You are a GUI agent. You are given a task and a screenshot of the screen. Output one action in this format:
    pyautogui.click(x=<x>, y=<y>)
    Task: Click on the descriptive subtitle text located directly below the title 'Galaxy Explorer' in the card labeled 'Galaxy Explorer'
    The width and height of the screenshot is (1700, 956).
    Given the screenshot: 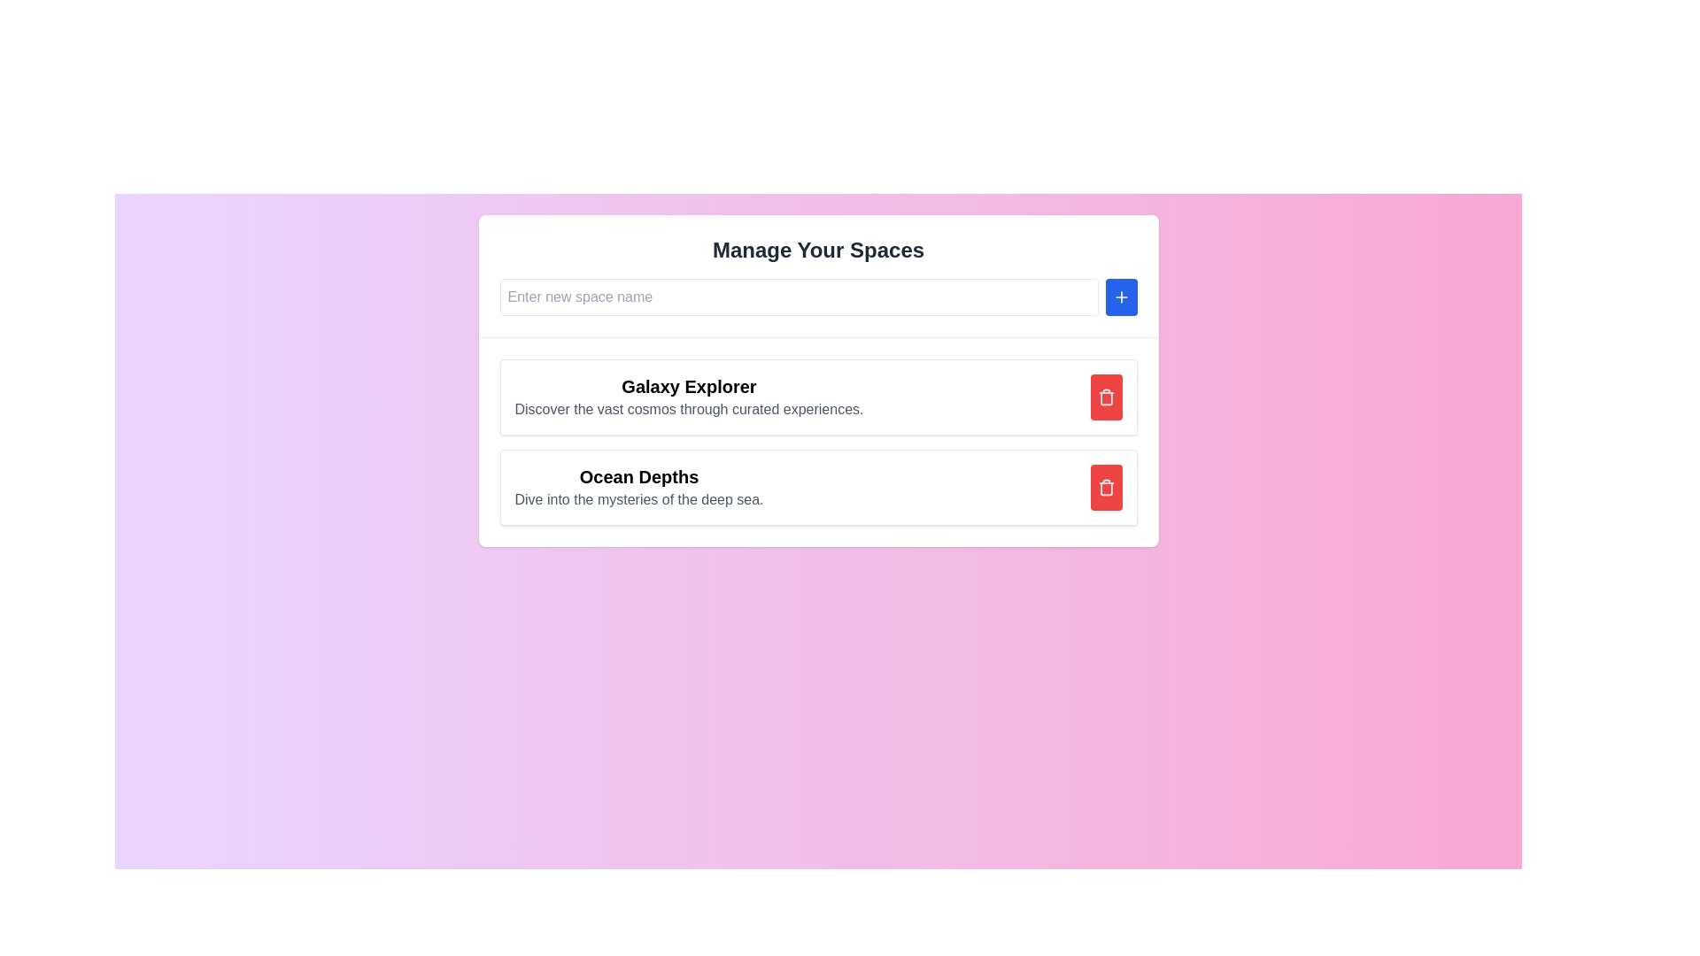 What is the action you would take?
    pyautogui.click(x=688, y=409)
    